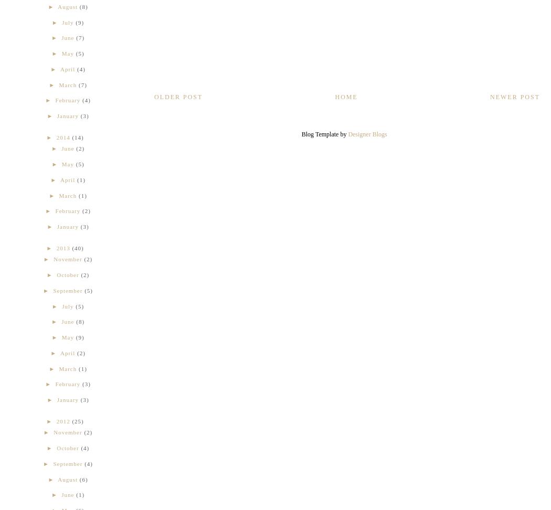 The width and height of the screenshot is (551, 510). I want to click on 'Blog Template by', so click(324, 133).